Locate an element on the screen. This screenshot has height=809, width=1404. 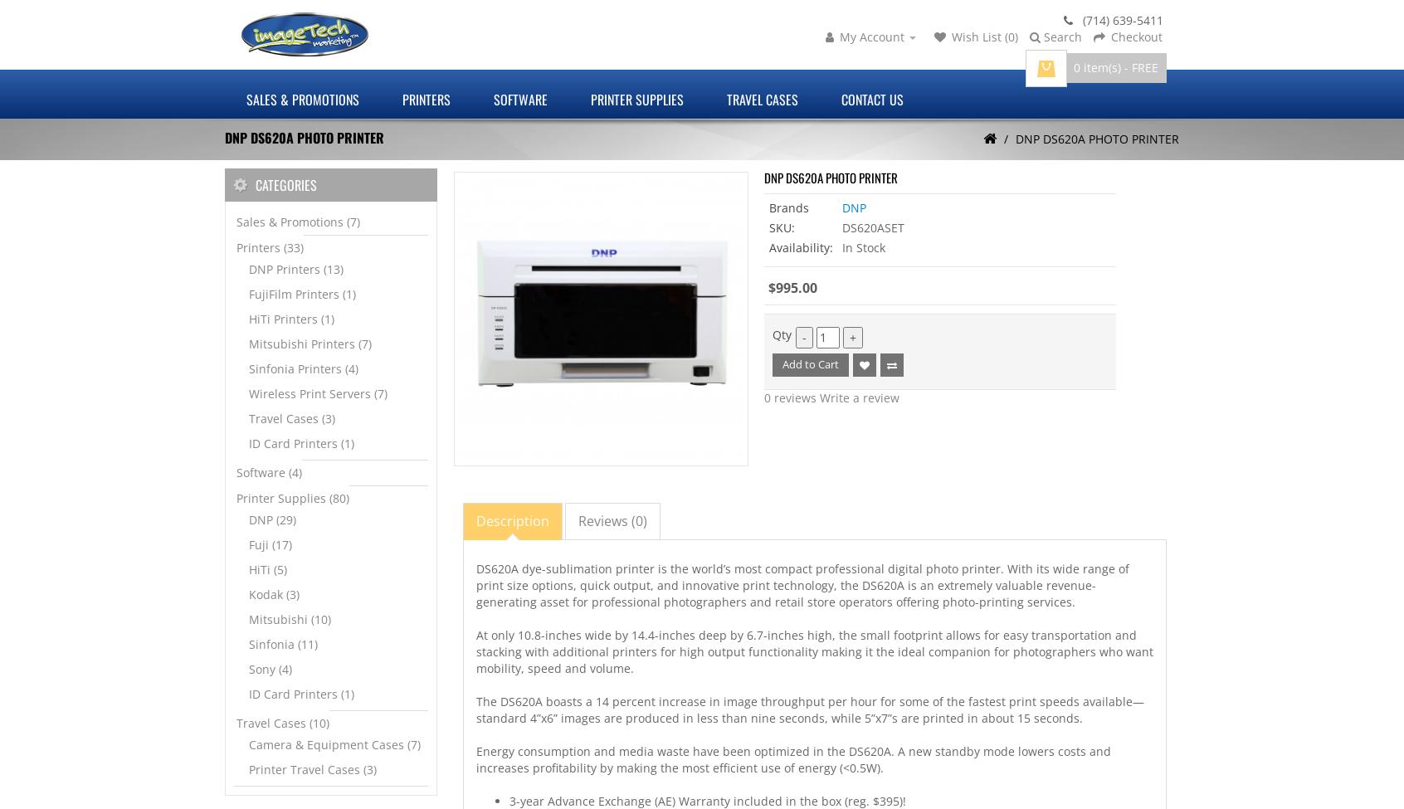
'DNP Printers (13)' is located at coordinates (296, 268).